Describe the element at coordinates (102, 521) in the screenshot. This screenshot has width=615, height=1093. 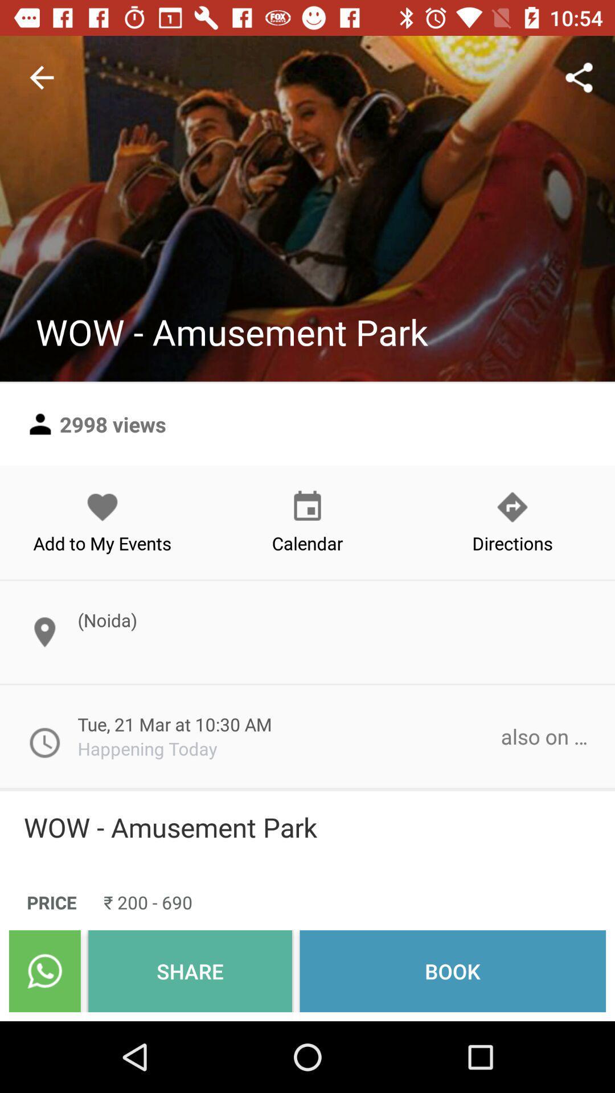
I see `add to my icon` at that location.